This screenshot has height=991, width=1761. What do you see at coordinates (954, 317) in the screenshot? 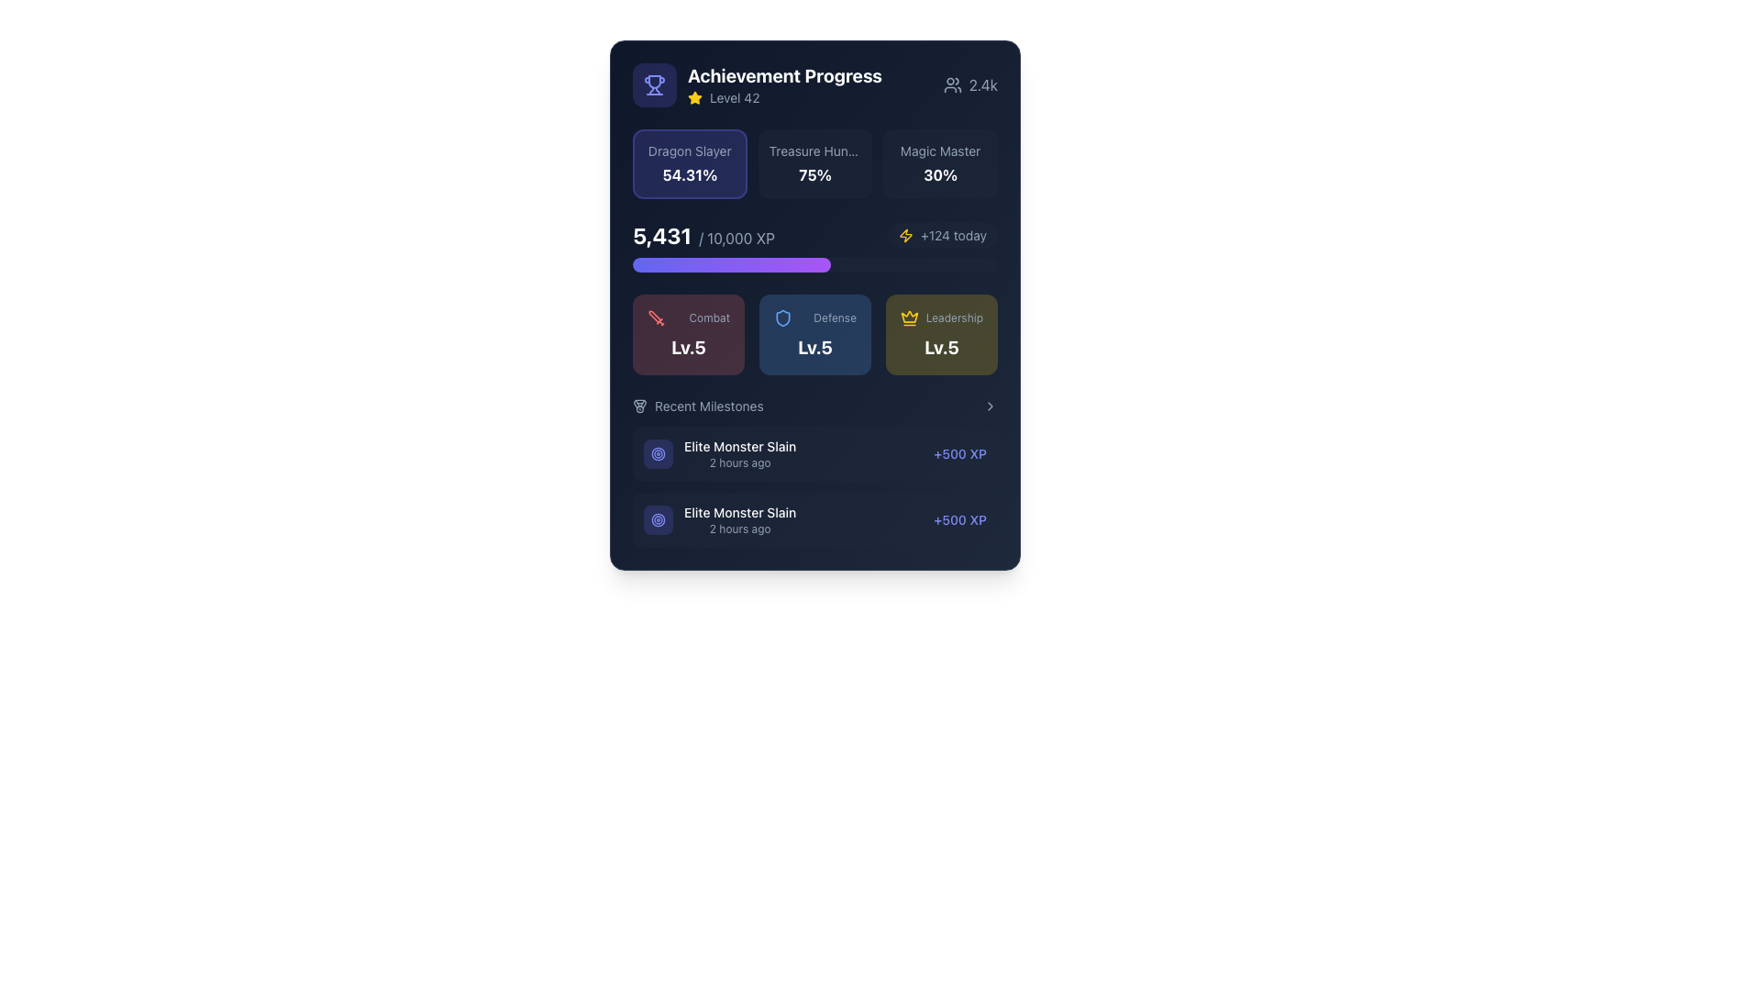
I see `the static text label reading 'Leadership' which is styled with a small font and a slate-gray color, located in the top-right portion of the level card within the 'Achievement Progress' widget` at bounding box center [954, 317].